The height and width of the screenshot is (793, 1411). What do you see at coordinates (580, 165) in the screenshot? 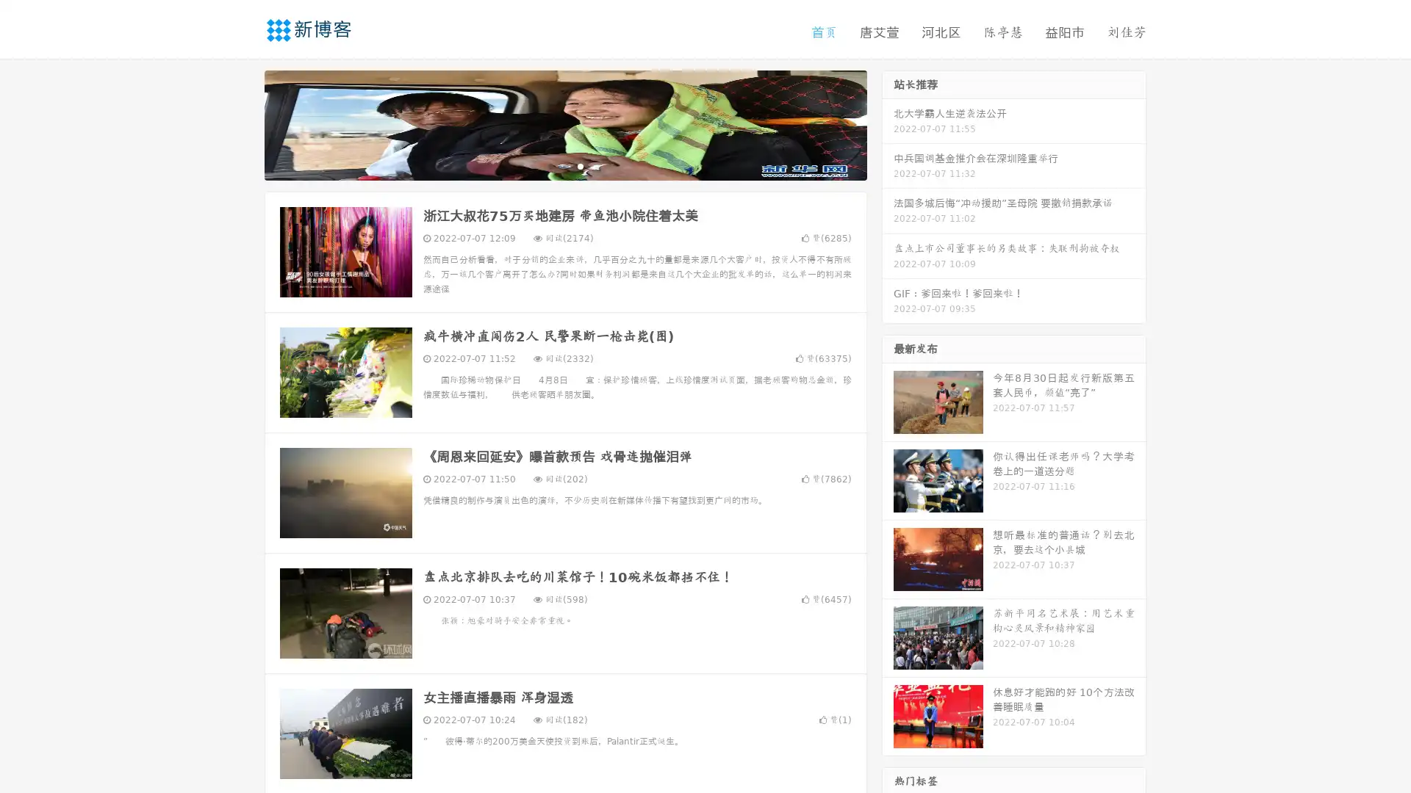
I see `Go to slide 3` at bounding box center [580, 165].